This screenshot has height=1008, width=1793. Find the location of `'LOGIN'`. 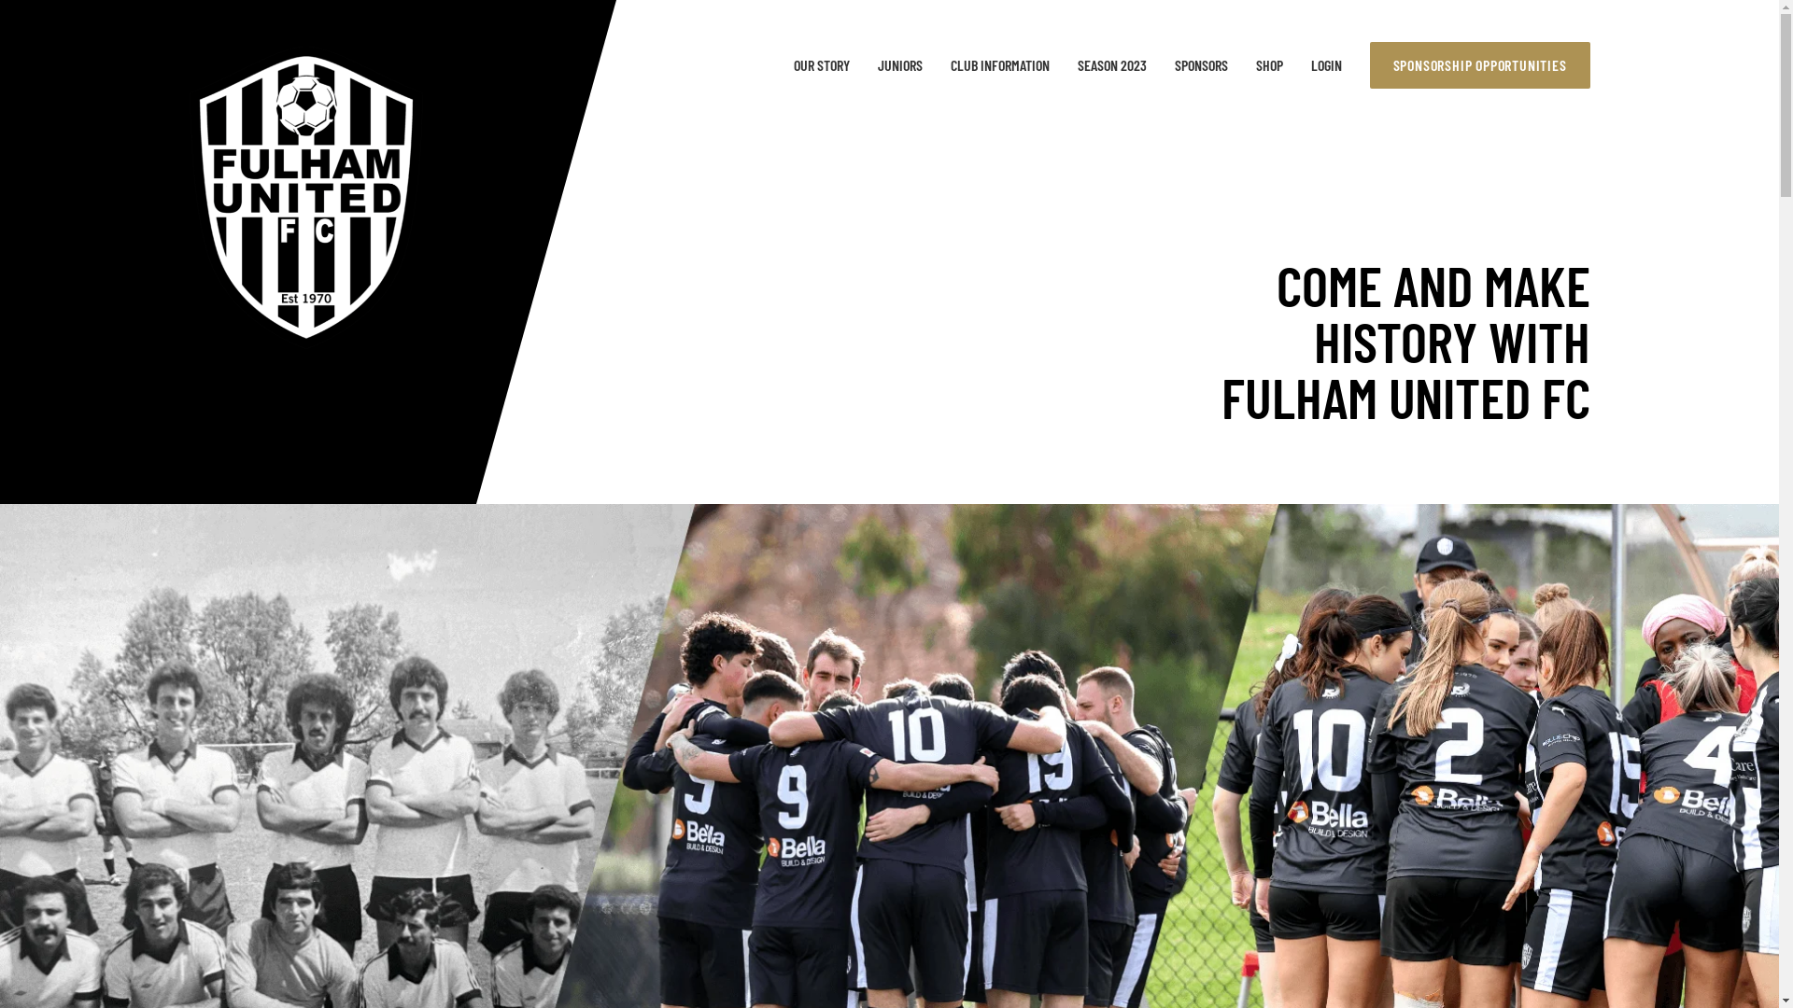

'LOGIN' is located at coordinates (1325, 63).